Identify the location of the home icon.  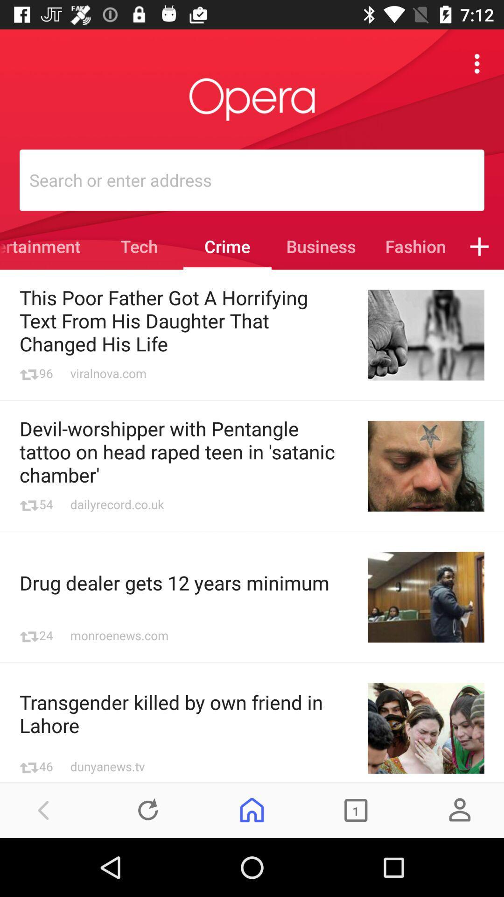
(252, 810).